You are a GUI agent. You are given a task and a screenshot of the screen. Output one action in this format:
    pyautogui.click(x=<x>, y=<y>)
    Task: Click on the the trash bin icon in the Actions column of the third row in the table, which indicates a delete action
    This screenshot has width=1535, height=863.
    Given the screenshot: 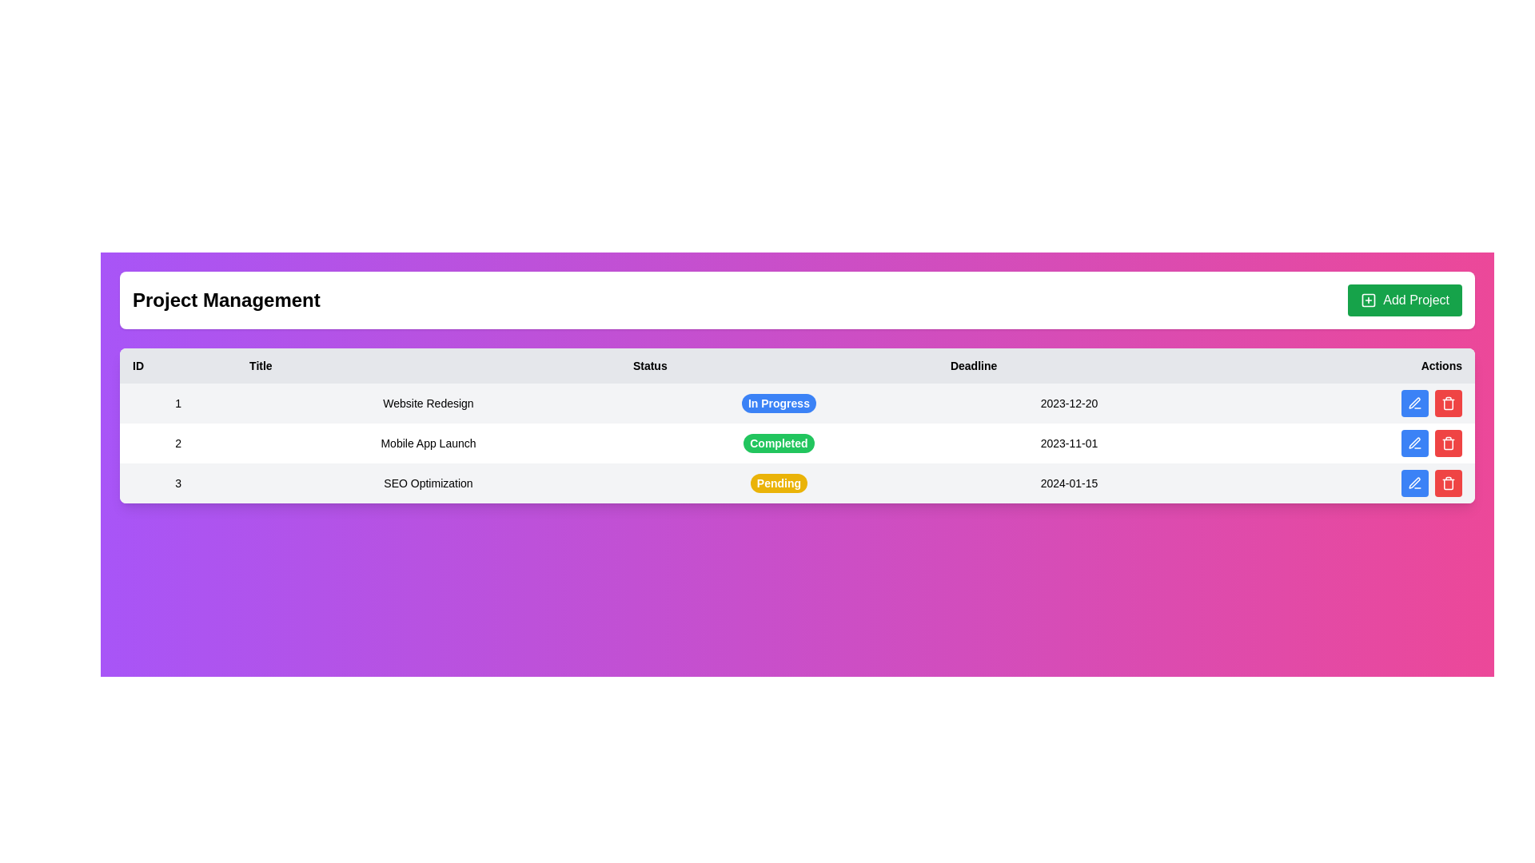 What is the action you would take?
    pyautogui.click(x=1448, y=444)
    